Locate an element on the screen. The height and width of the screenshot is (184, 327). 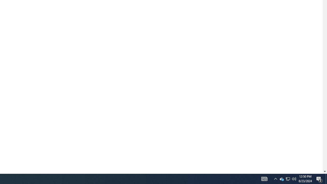
'User Promoted Notification Area' is located at coordinates (275, 178).